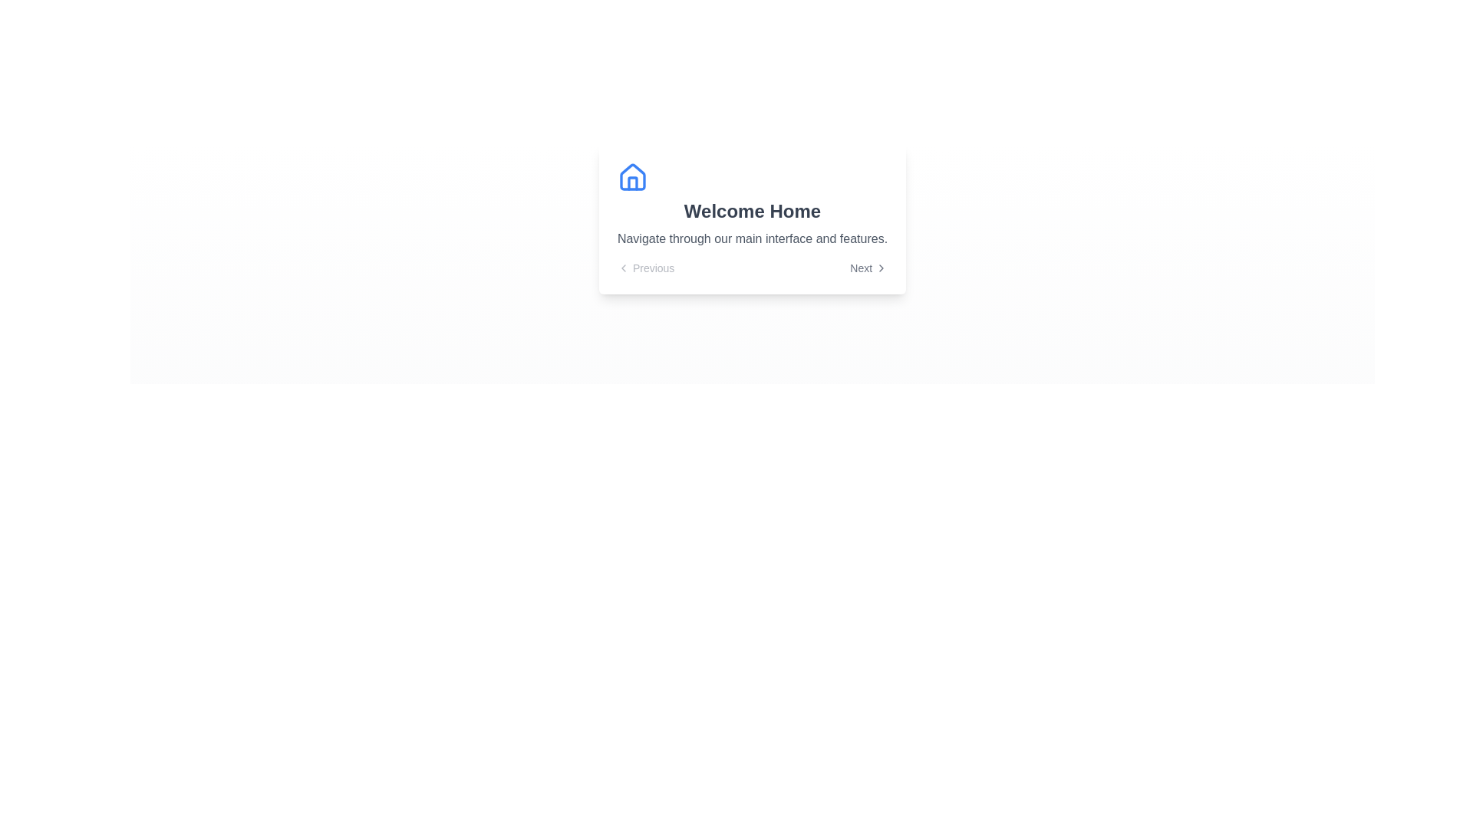 The image size is (1473, 828). I want to click on the 'Next' button located at the bottom-right of its group to proceed to the next step, so click(868, 268).